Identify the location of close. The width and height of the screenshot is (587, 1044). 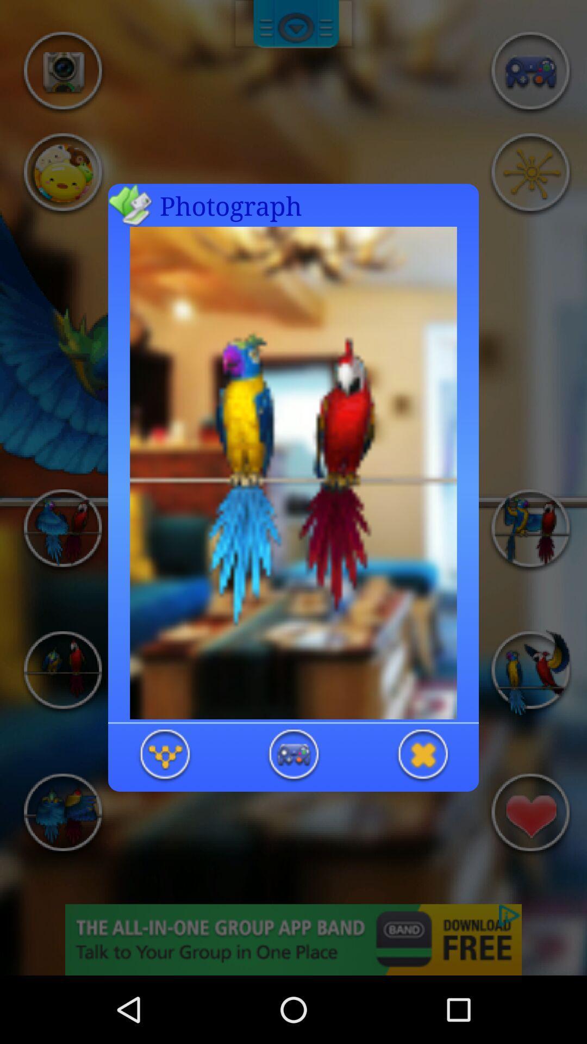
(422, 755).